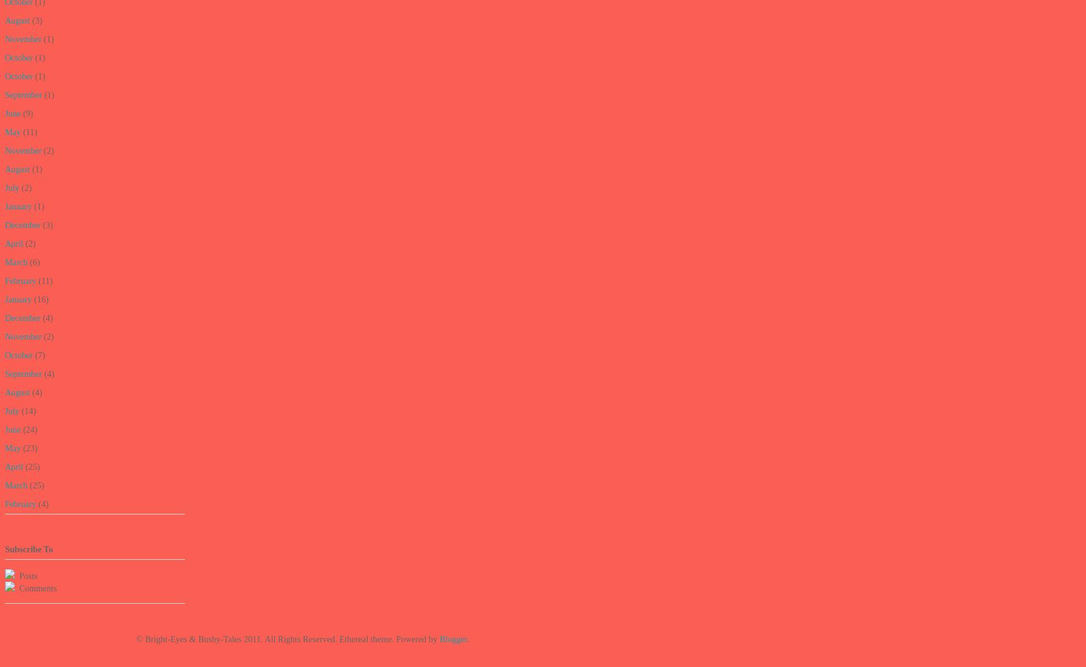 This screenshot has height=667, width=1086. I want to click on 'Posts', so click(16, 575).